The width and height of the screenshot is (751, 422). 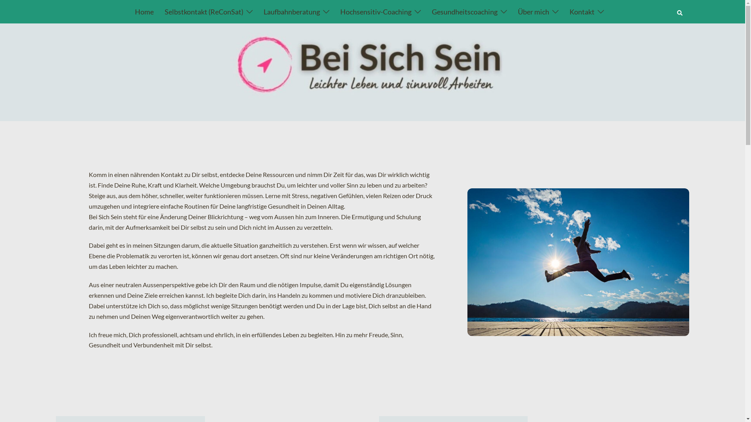 I want to click on 'Selbstkontakt (ReConSat)', so click(x=164, y=12).